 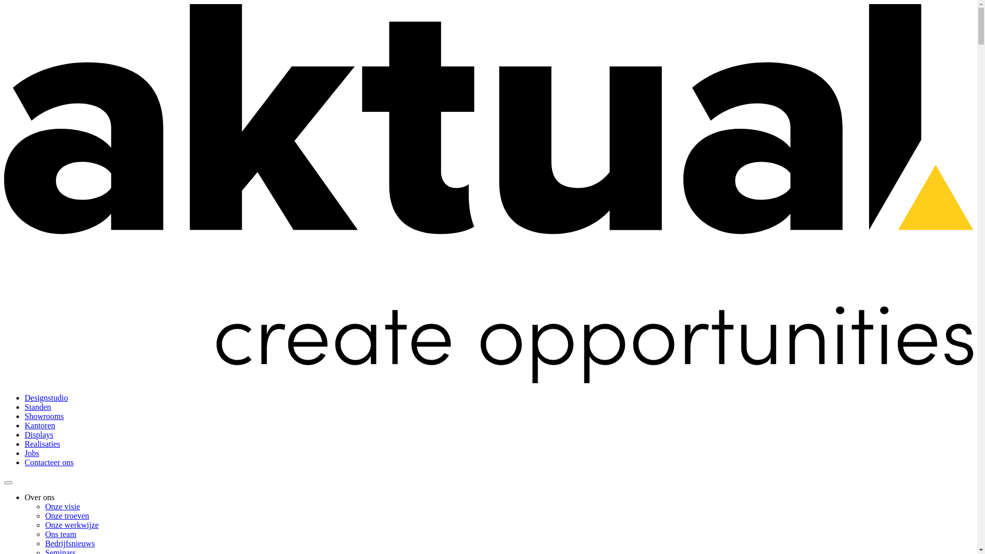 What do you see at coordinates (46, 397) in the screenshot?
I see `'Designstudio'` at bounding box center [46, 397].